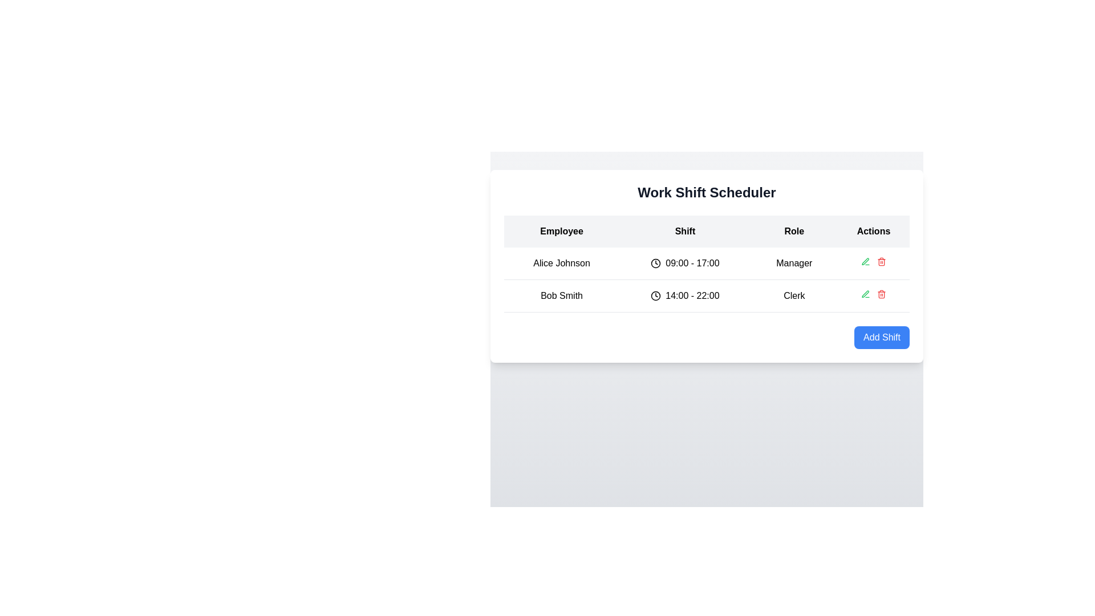 The image size is (1095, 616). What do you see at coordinates (873, 295) in the screenshot?
I see `the interactive icons in the Actions column for 'Bob Smith'` at bounding box center [873, 295].